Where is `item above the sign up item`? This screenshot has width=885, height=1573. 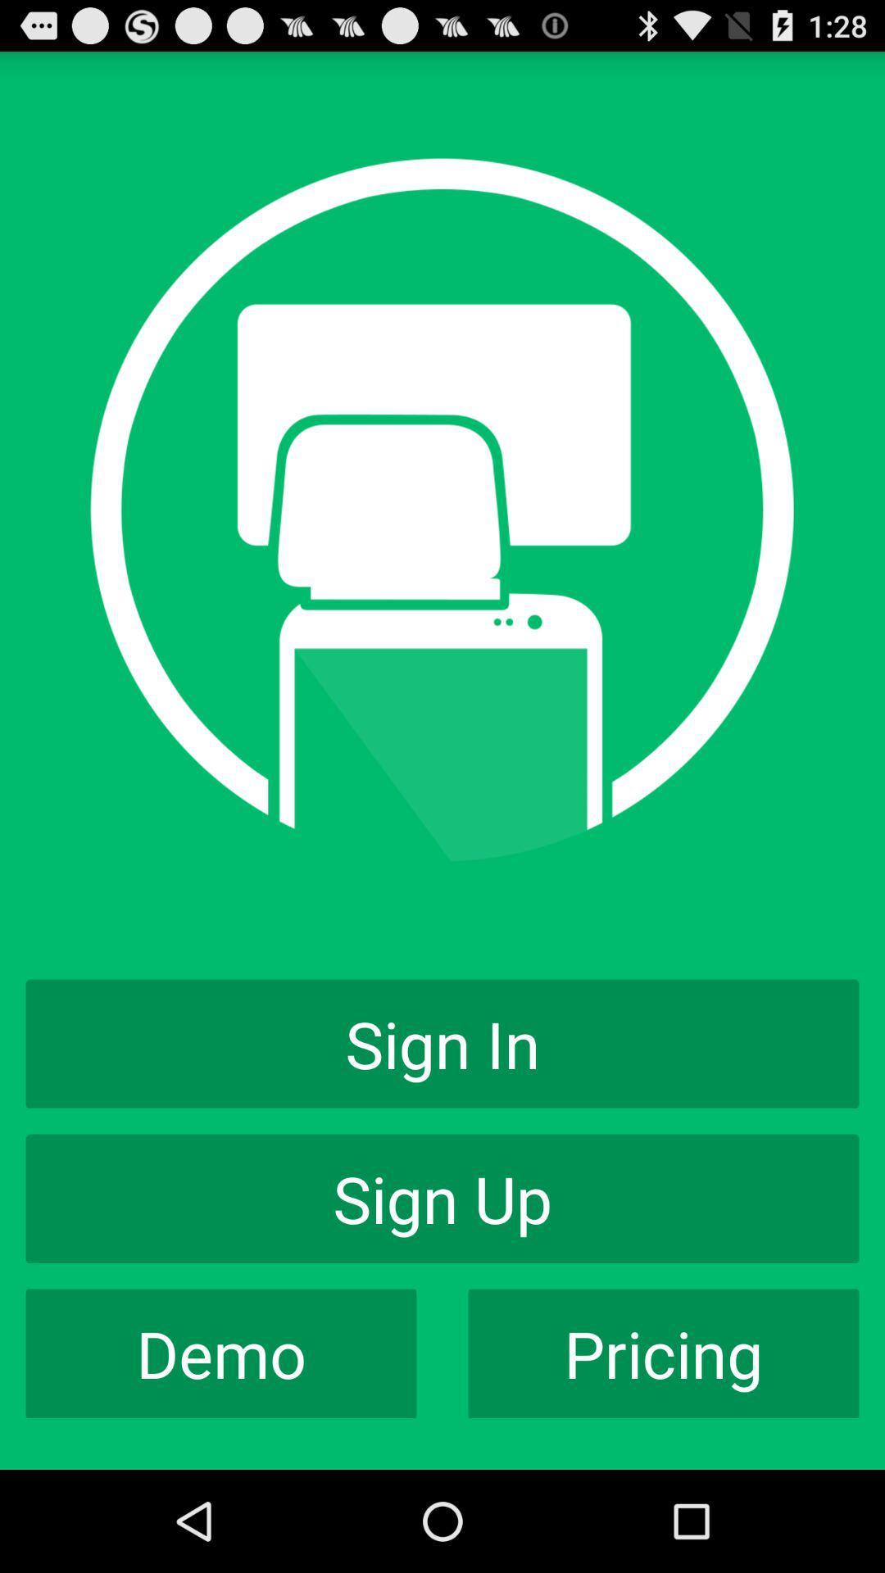
item above the sign up item is located at coordinates (442, 1043).